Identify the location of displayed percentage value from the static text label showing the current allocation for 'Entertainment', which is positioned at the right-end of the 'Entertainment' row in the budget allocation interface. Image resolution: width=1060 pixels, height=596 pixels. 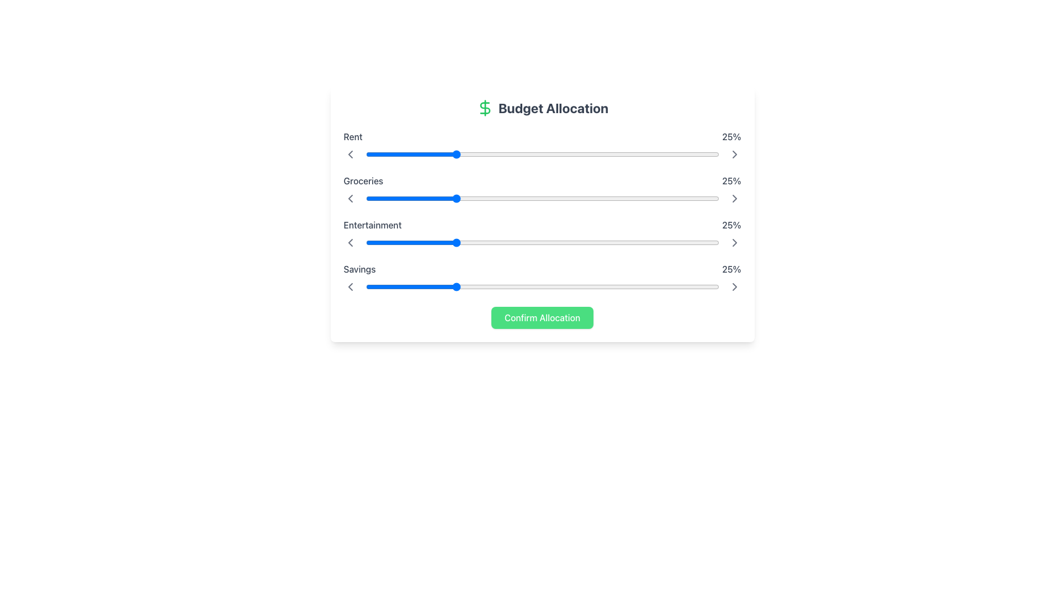
(732, 225).